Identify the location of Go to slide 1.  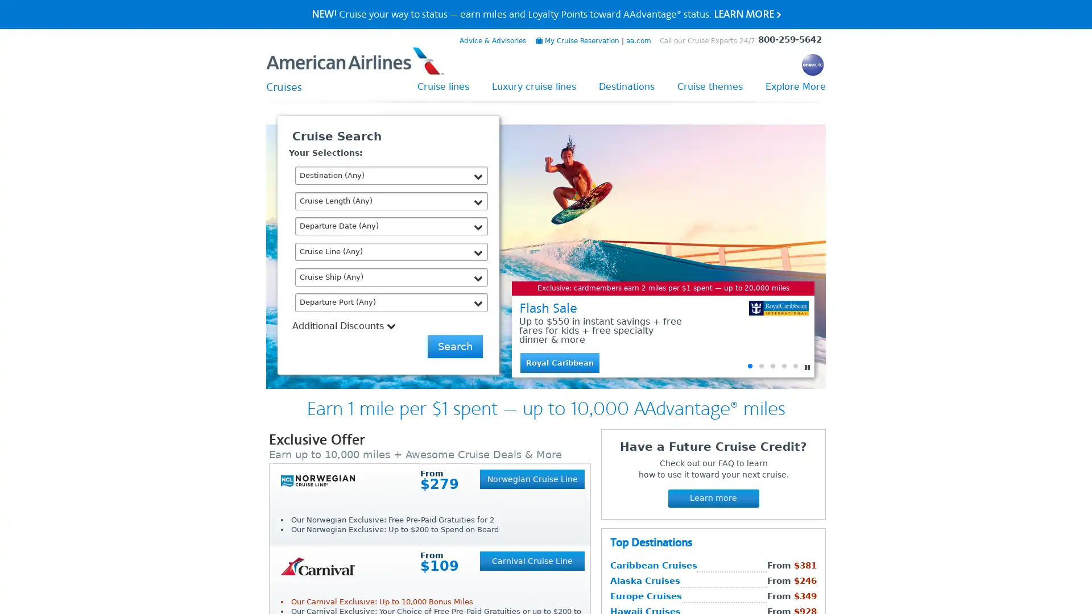
(750, 366).